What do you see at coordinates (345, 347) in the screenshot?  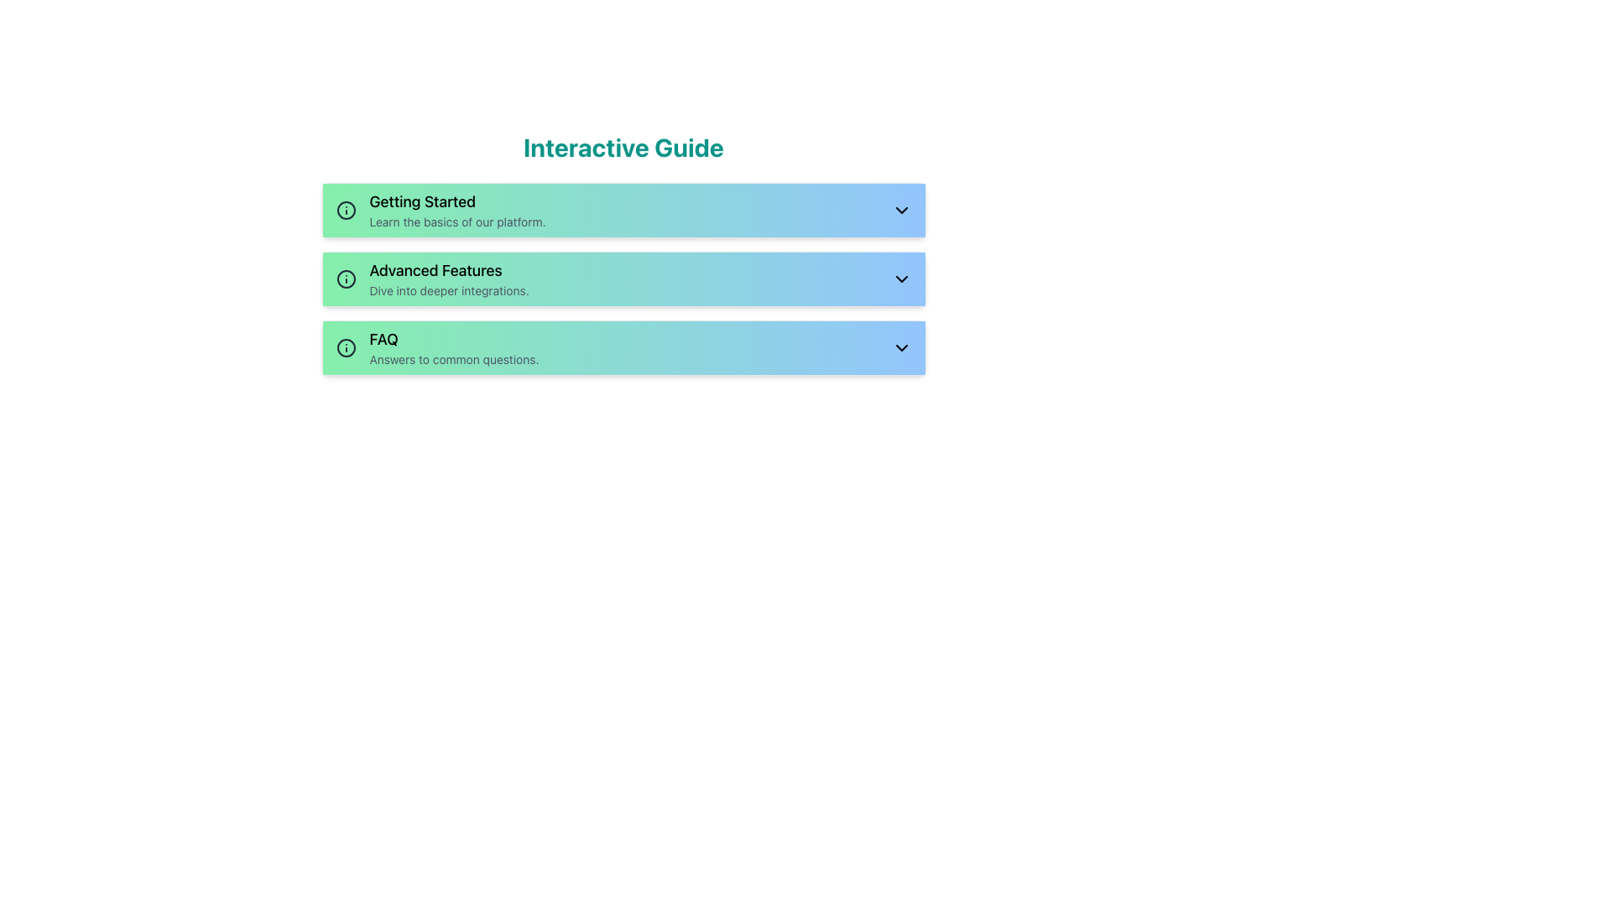 I see `the circular icon with a gray exclamation mark, located on the left side of the third row, next to the text 'FAQ Answers to common questions', to observe its tooltip or context` at bounding box center [345, 347].